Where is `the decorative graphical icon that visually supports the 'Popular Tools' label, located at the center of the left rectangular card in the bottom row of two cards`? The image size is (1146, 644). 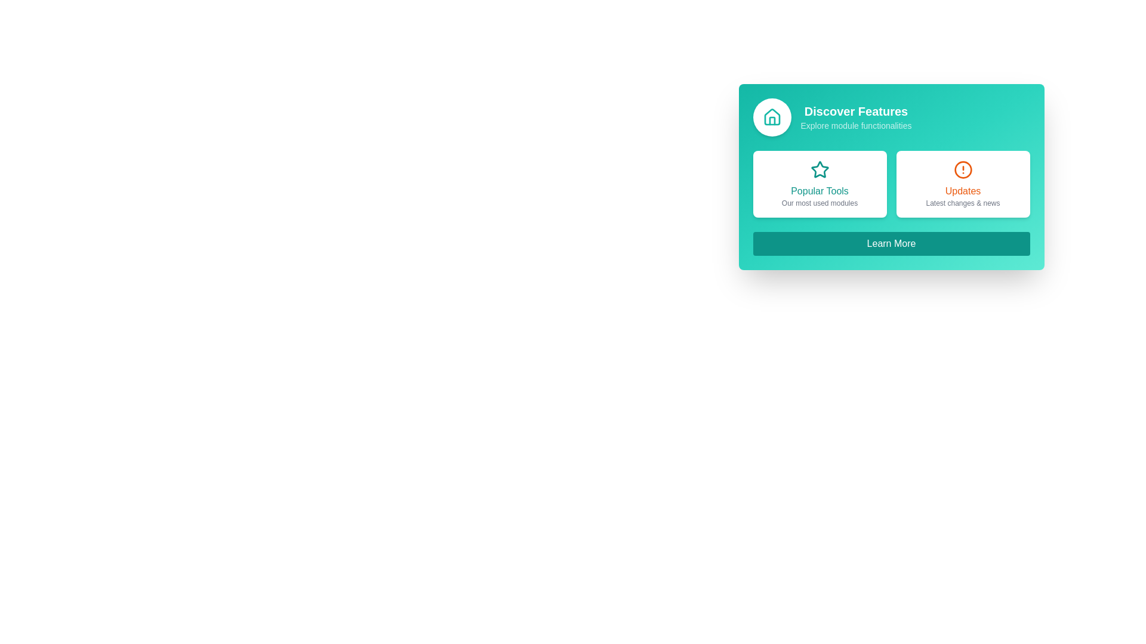 the decorative graphical icon that visually supports the 'Popular Tools' label, located at the center of the left rectangular card in the bottom row of two cards is located at coordinates (819, 169).